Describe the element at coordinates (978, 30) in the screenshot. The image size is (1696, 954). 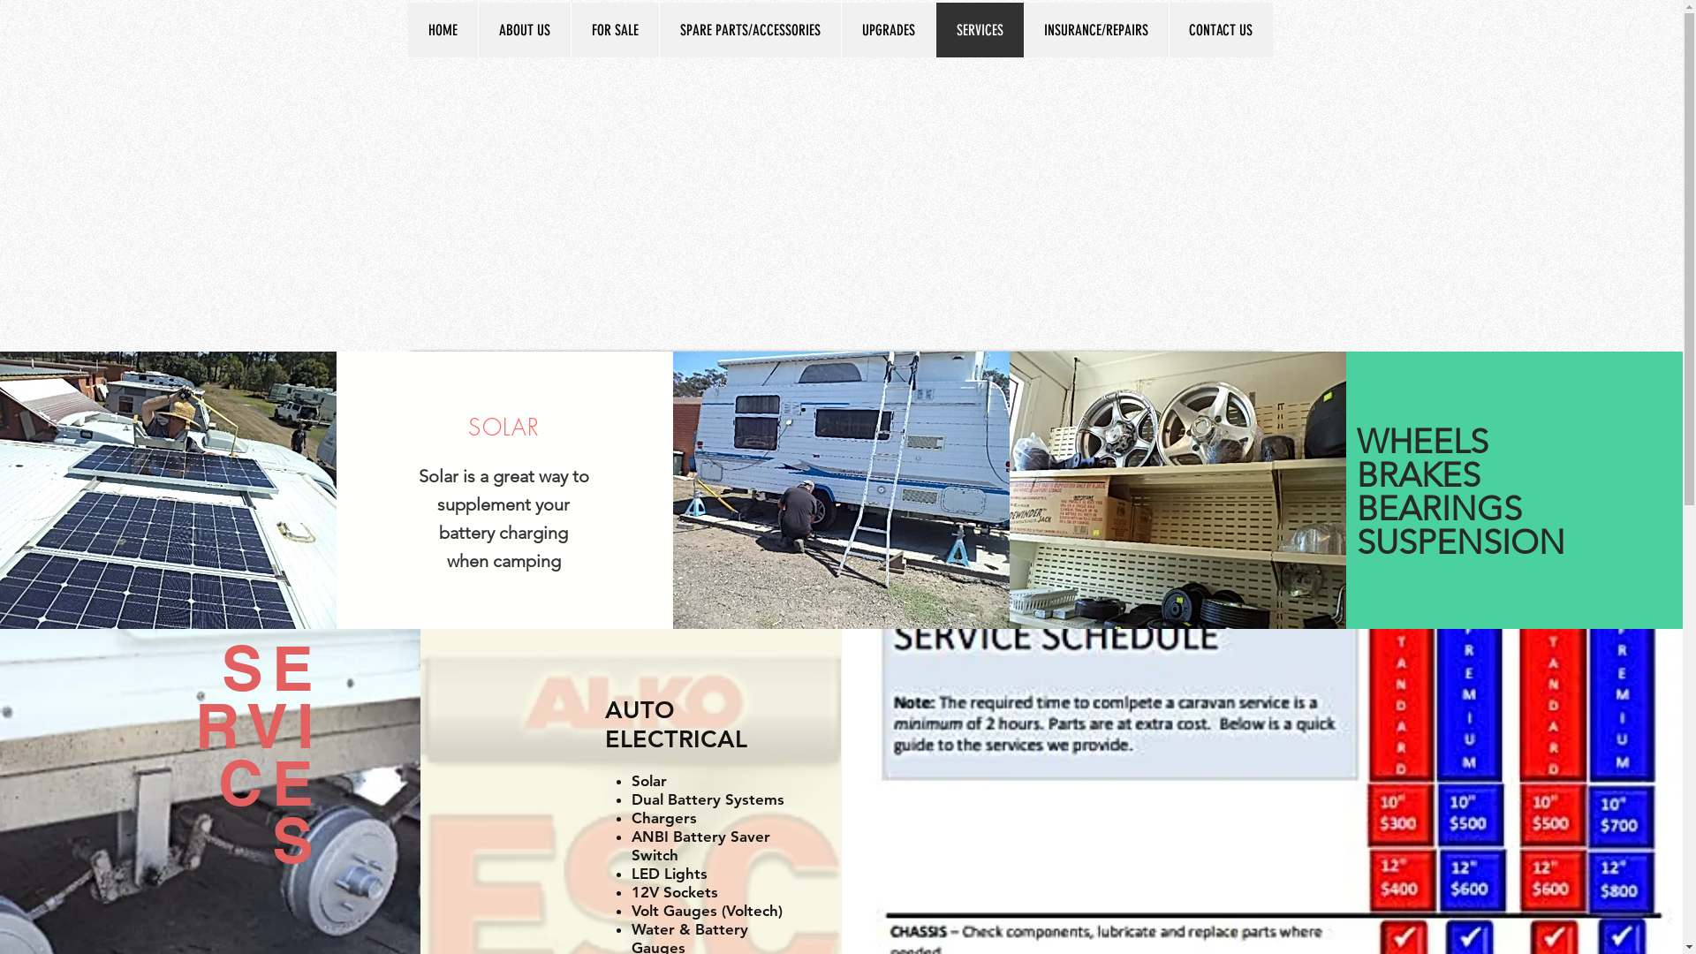
I see `'SERVICES'` at that location.